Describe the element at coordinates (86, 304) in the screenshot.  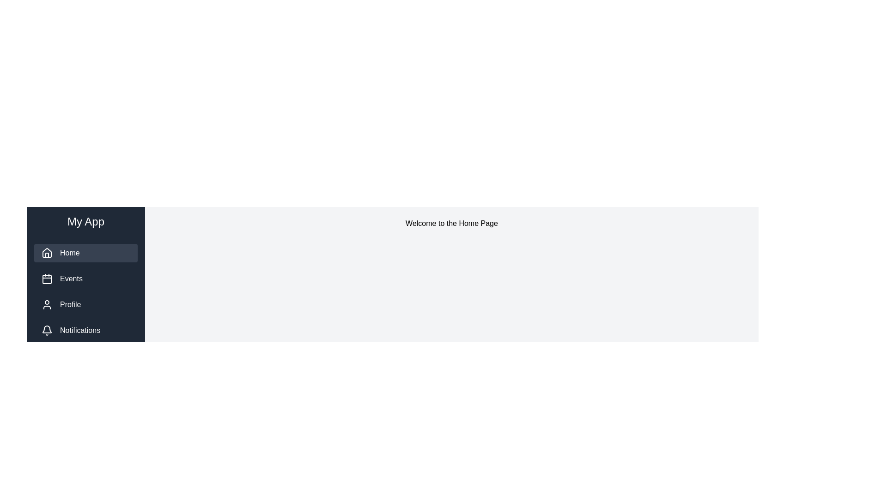
I see `the third button in the vertical sequence of options in the sidebar` at that location.